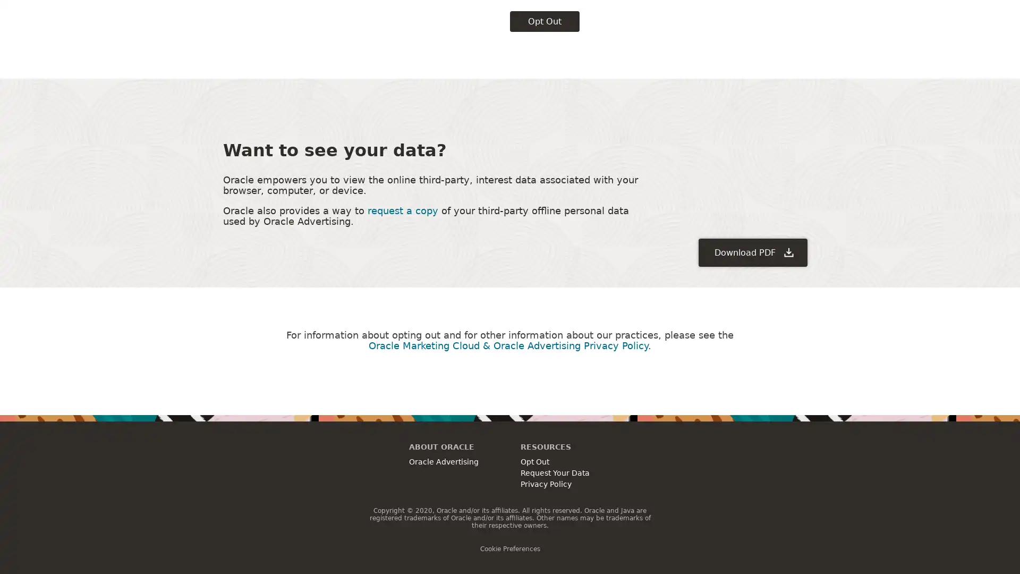 The width and height of the screenshot is (1020, 574). Describe the element at coordinates (752, 180) in the screenshot. I see `Download PDF` at that location.